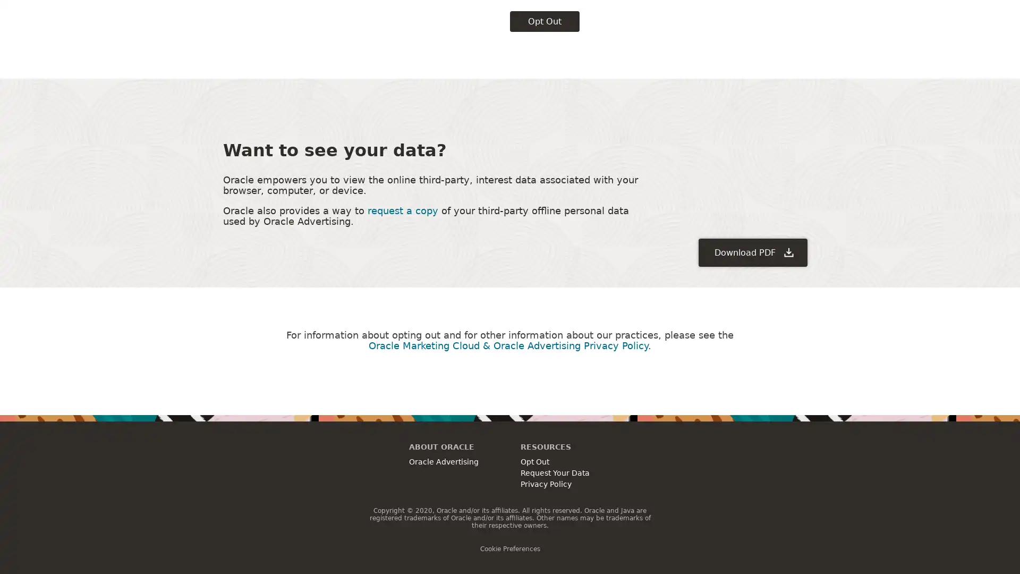 The width and height of the screenshot is (1020, 574). Describe the element at coordinates (752, 180) in the screenshot. I see `Download PDF` at that location.